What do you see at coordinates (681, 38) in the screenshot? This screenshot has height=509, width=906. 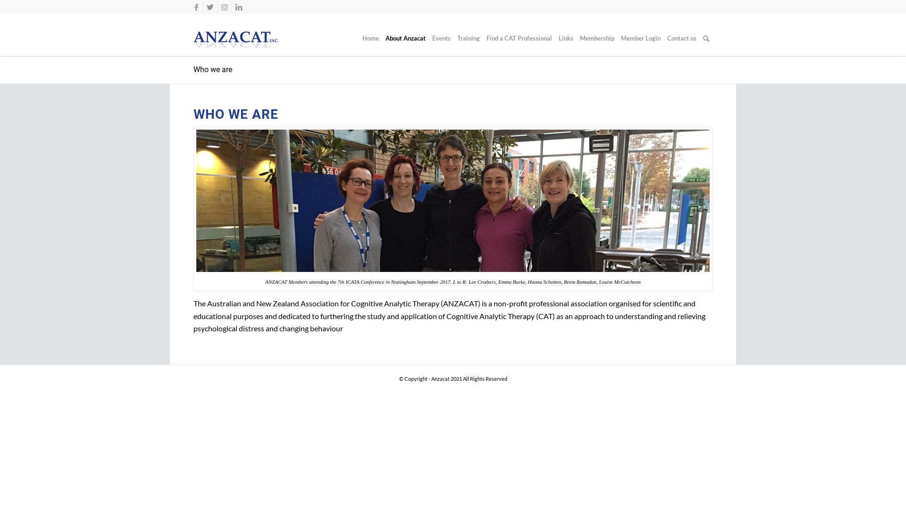 I see `'Contact us'` at bounding box center [681, 38].